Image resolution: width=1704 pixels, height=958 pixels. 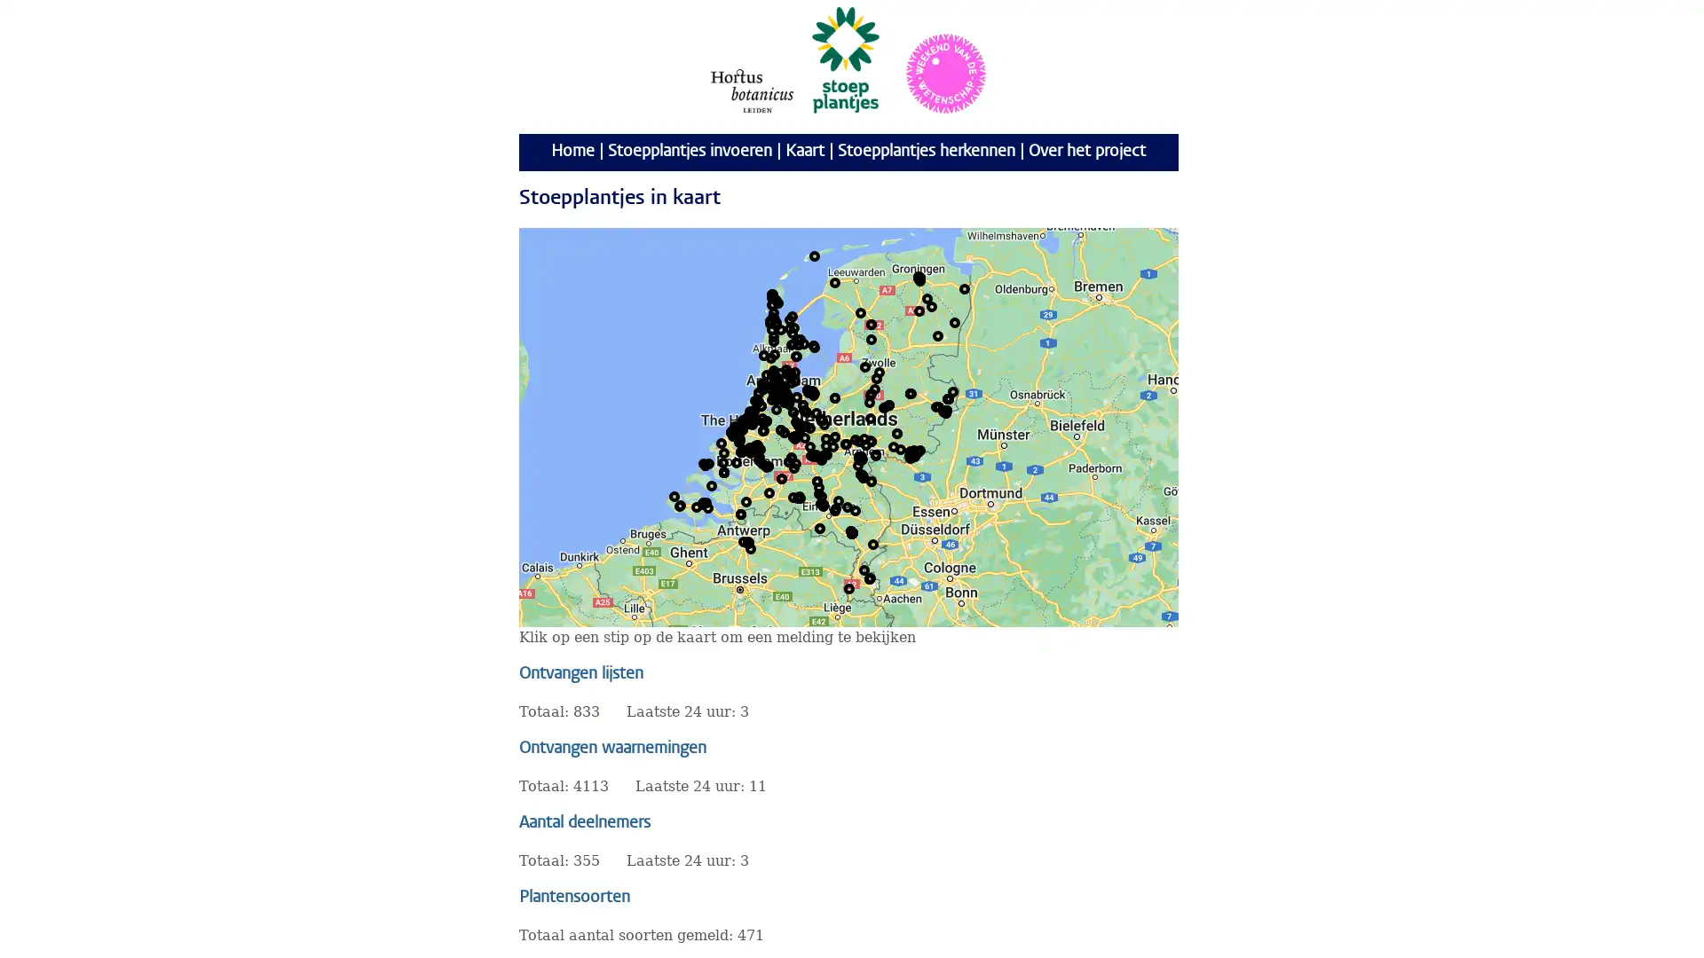 I want to click on Telling van Hortusfreak op 02 februari 2022, so click(x=679, y=506).